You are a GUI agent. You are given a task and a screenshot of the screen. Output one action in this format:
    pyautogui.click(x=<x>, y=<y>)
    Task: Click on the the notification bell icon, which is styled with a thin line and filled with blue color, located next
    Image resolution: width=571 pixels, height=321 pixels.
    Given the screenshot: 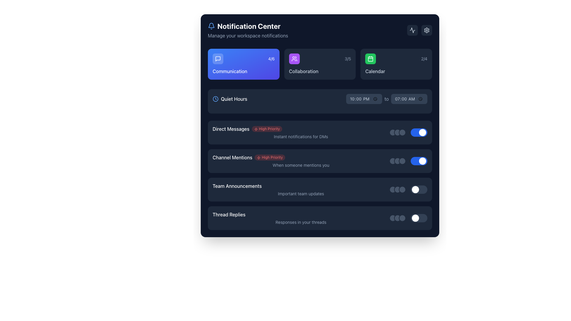 What is the action you would take?
    pyautogui.click(x=211, y=26)
    